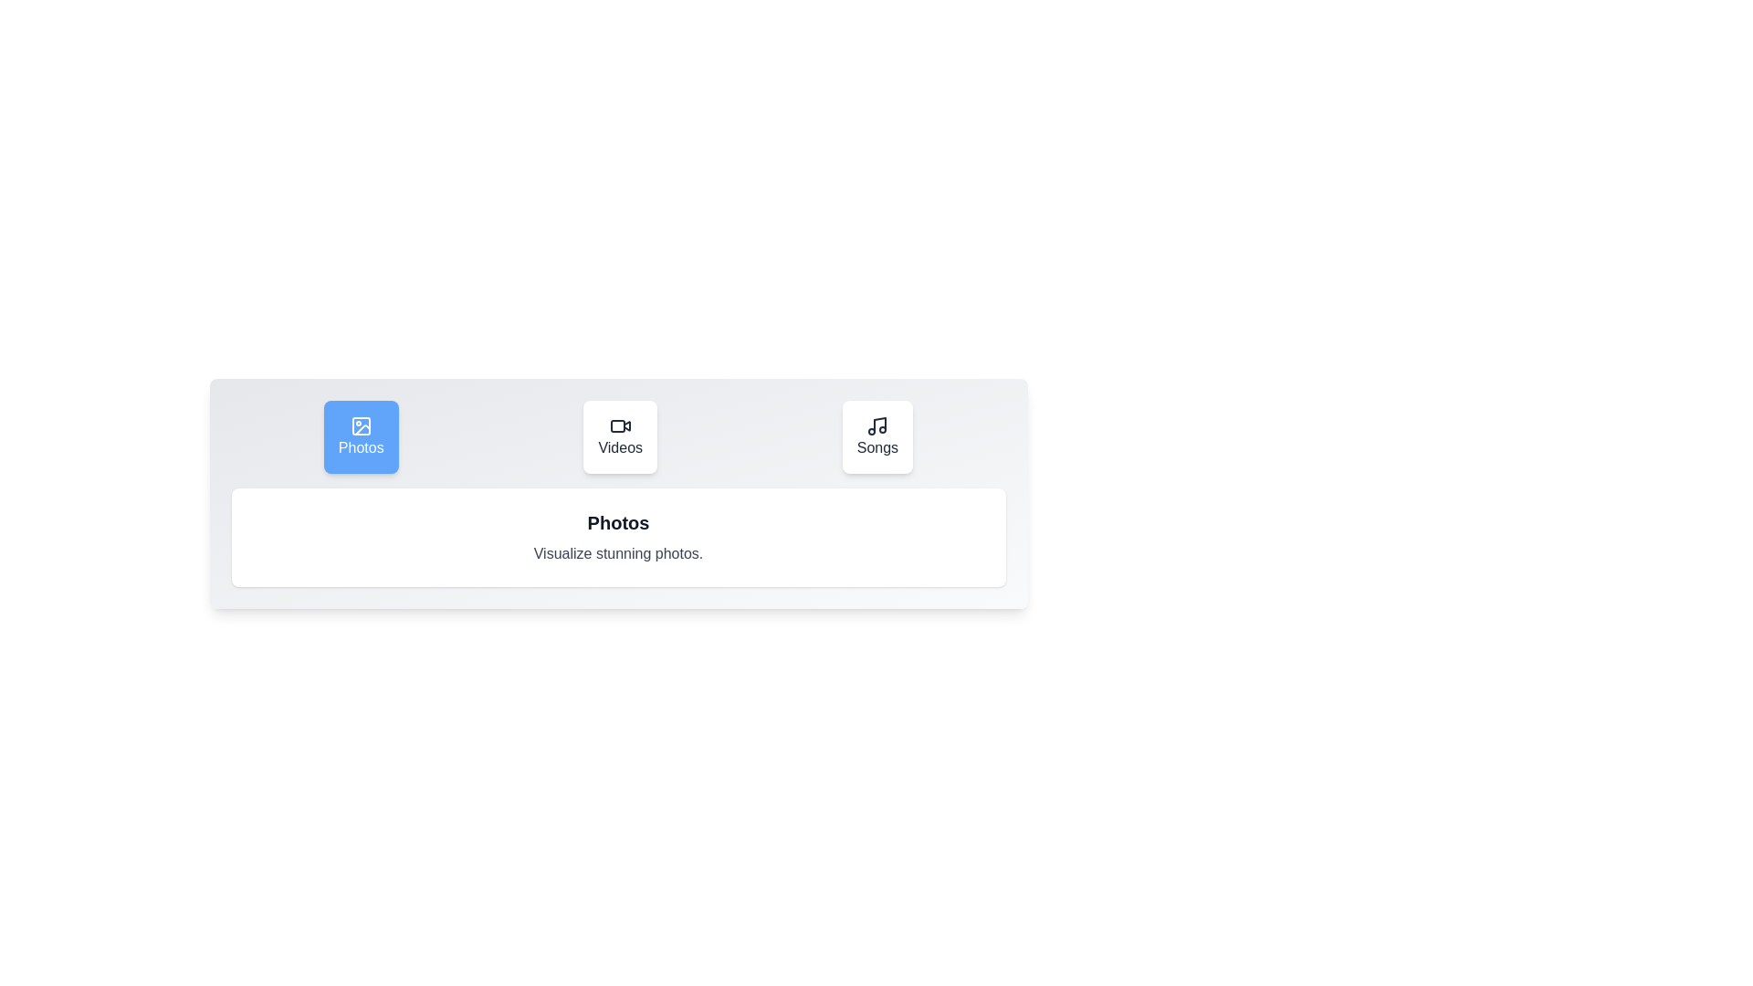 The width and height of the screenshot is (1753, 986). What do you see at coordinates (877, 436) in the screenshot?
I see `the Songs tab to switch to it` at bounding box center [877, 436].